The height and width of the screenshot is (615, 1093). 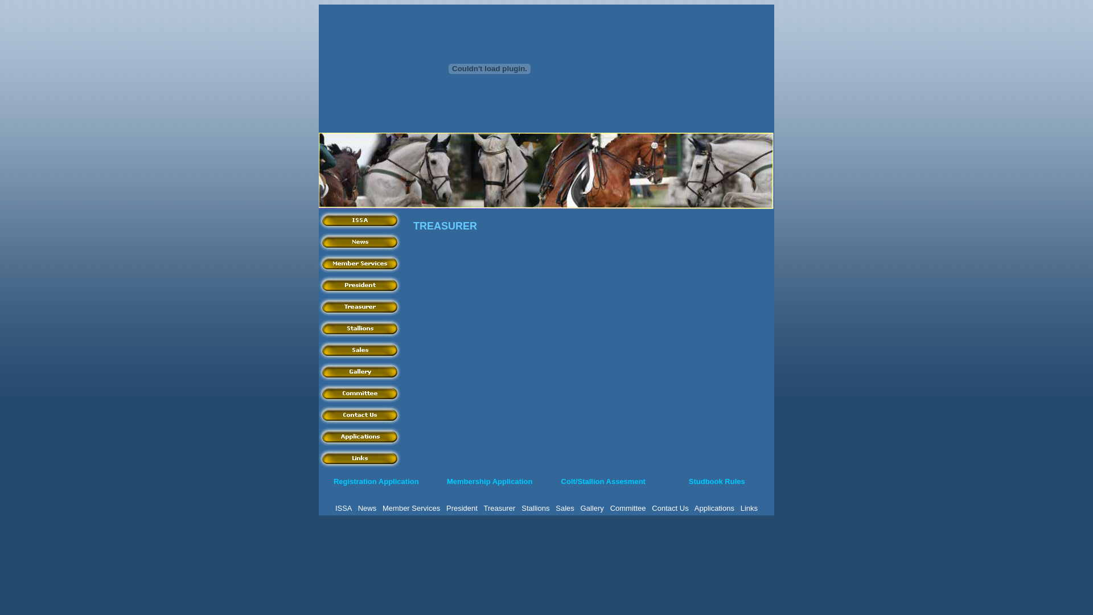 I want to click on 'Member Services', so click(x=360, y=263).